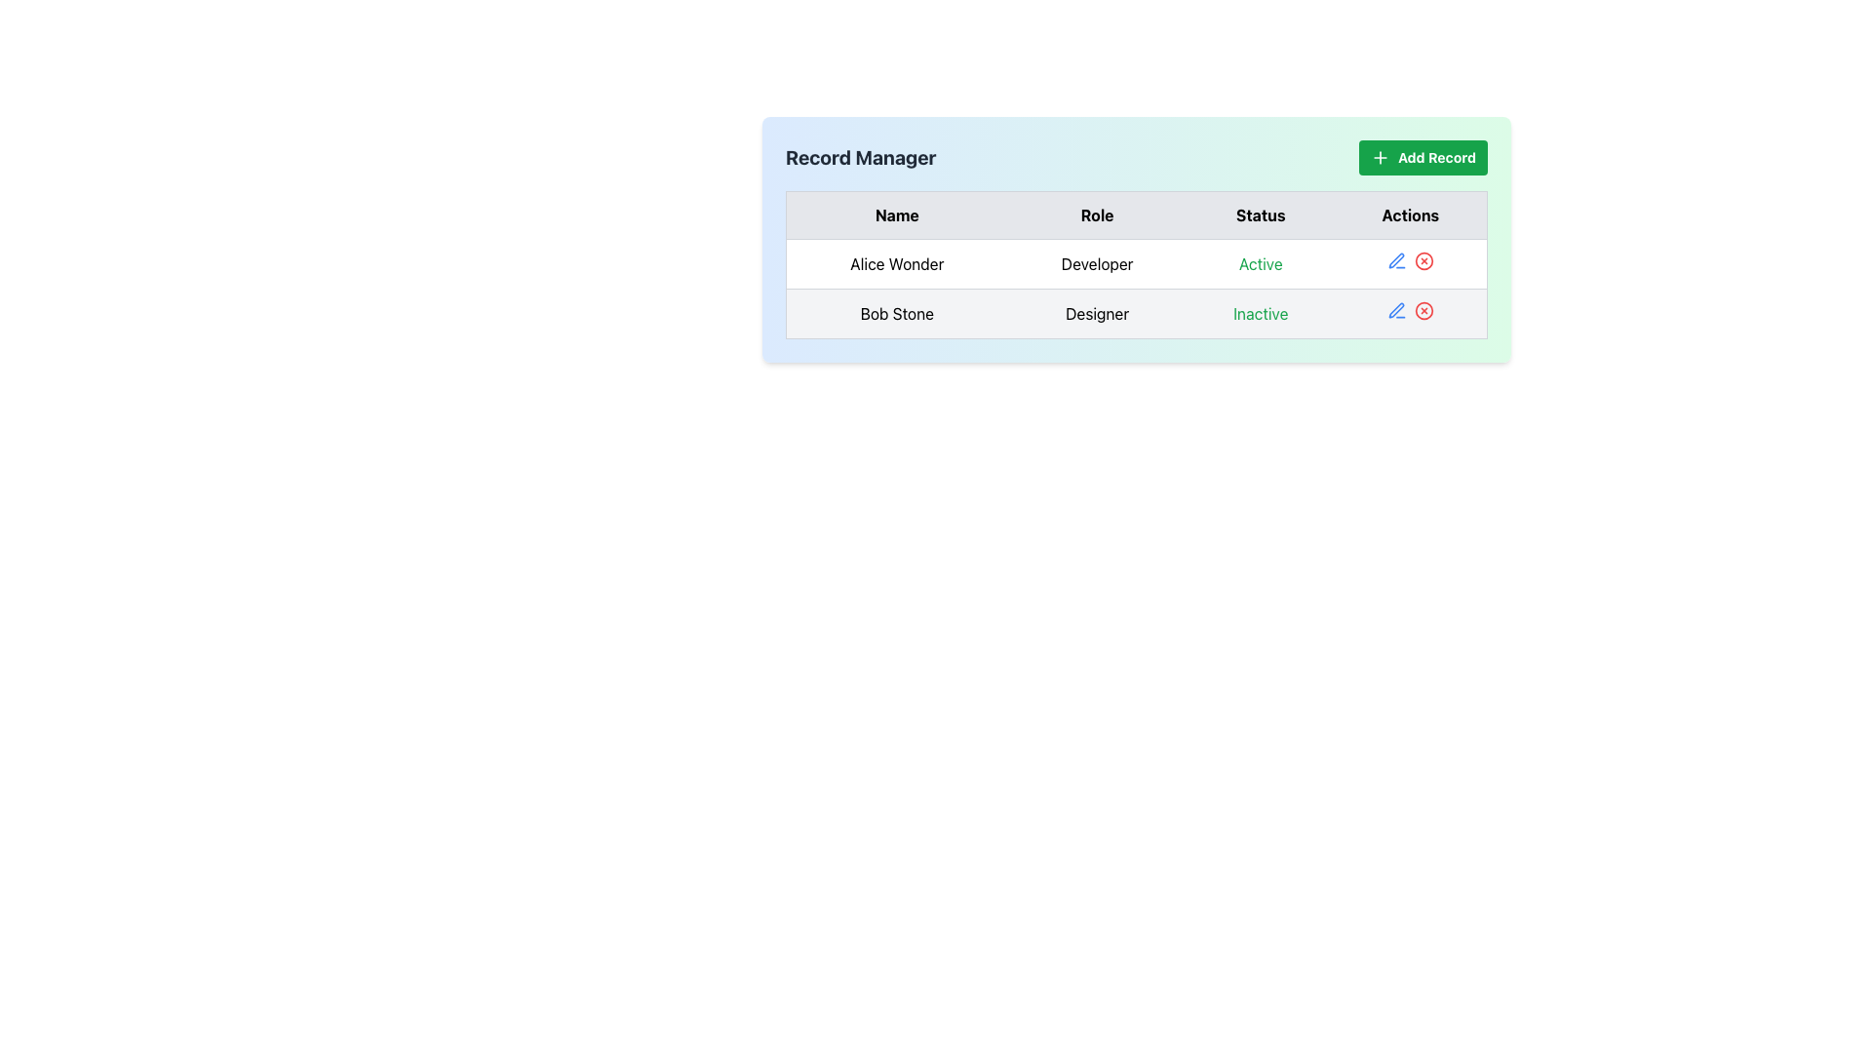 The height and width of the screenshot is (1053, 1872). What do you see at coordinates (1137, 263) in the screenshot?
I see `the first table row in the 'Record Manager' section` at bounding box center [1137, 263].